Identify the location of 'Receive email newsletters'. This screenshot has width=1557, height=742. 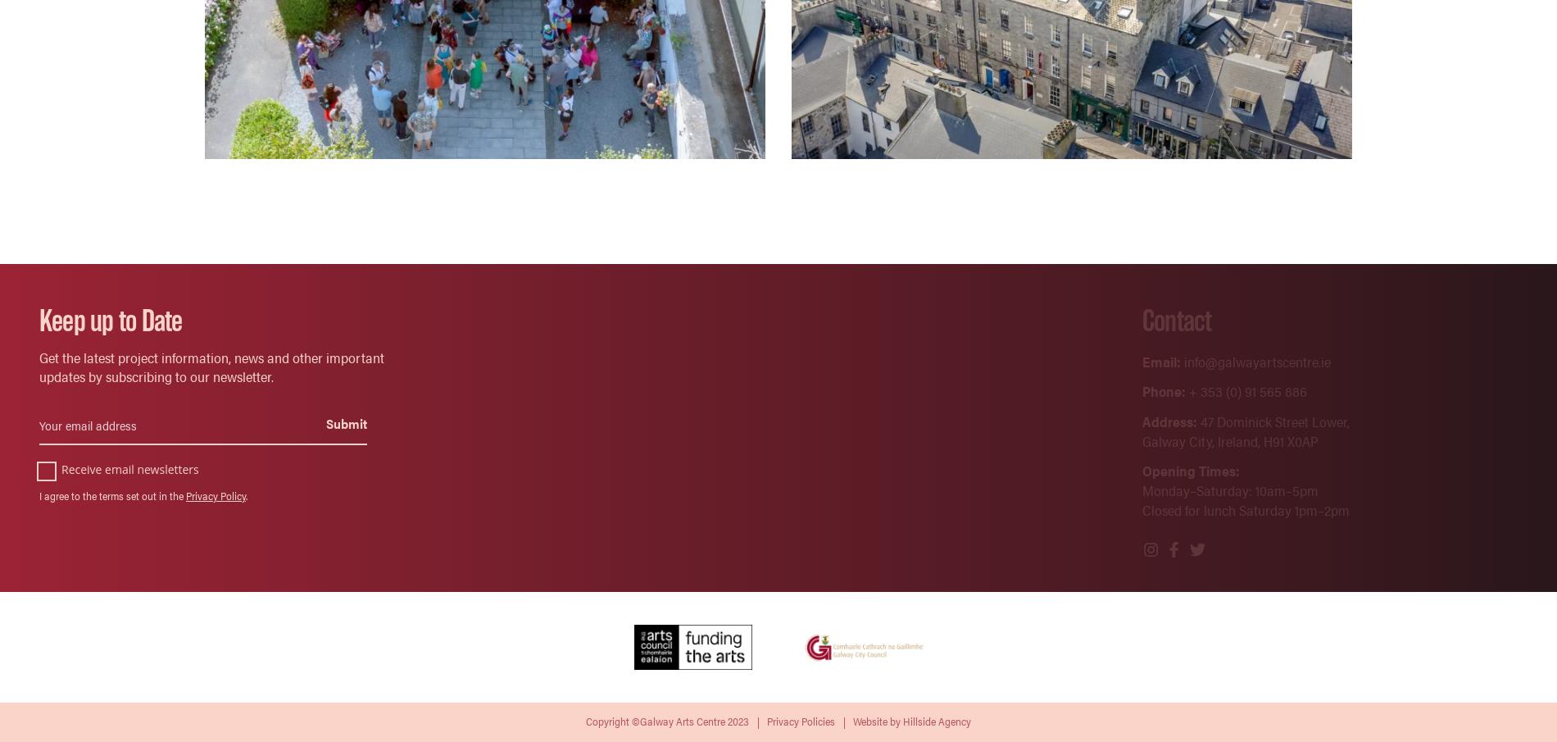
(61, 468).